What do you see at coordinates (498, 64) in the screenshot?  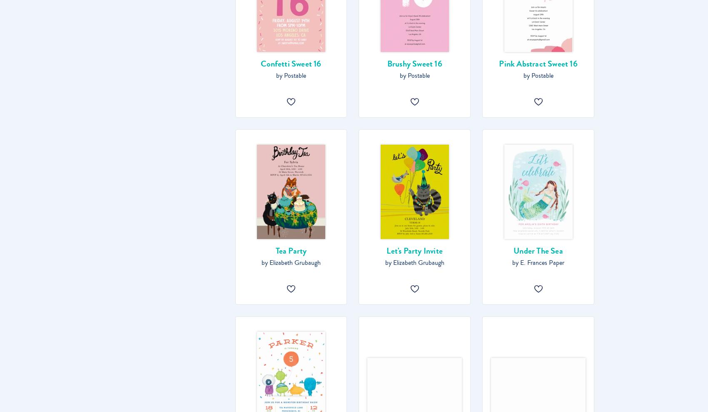 I see `'Pink Abstract Sweet 16'` at bounding box center [498, 64].